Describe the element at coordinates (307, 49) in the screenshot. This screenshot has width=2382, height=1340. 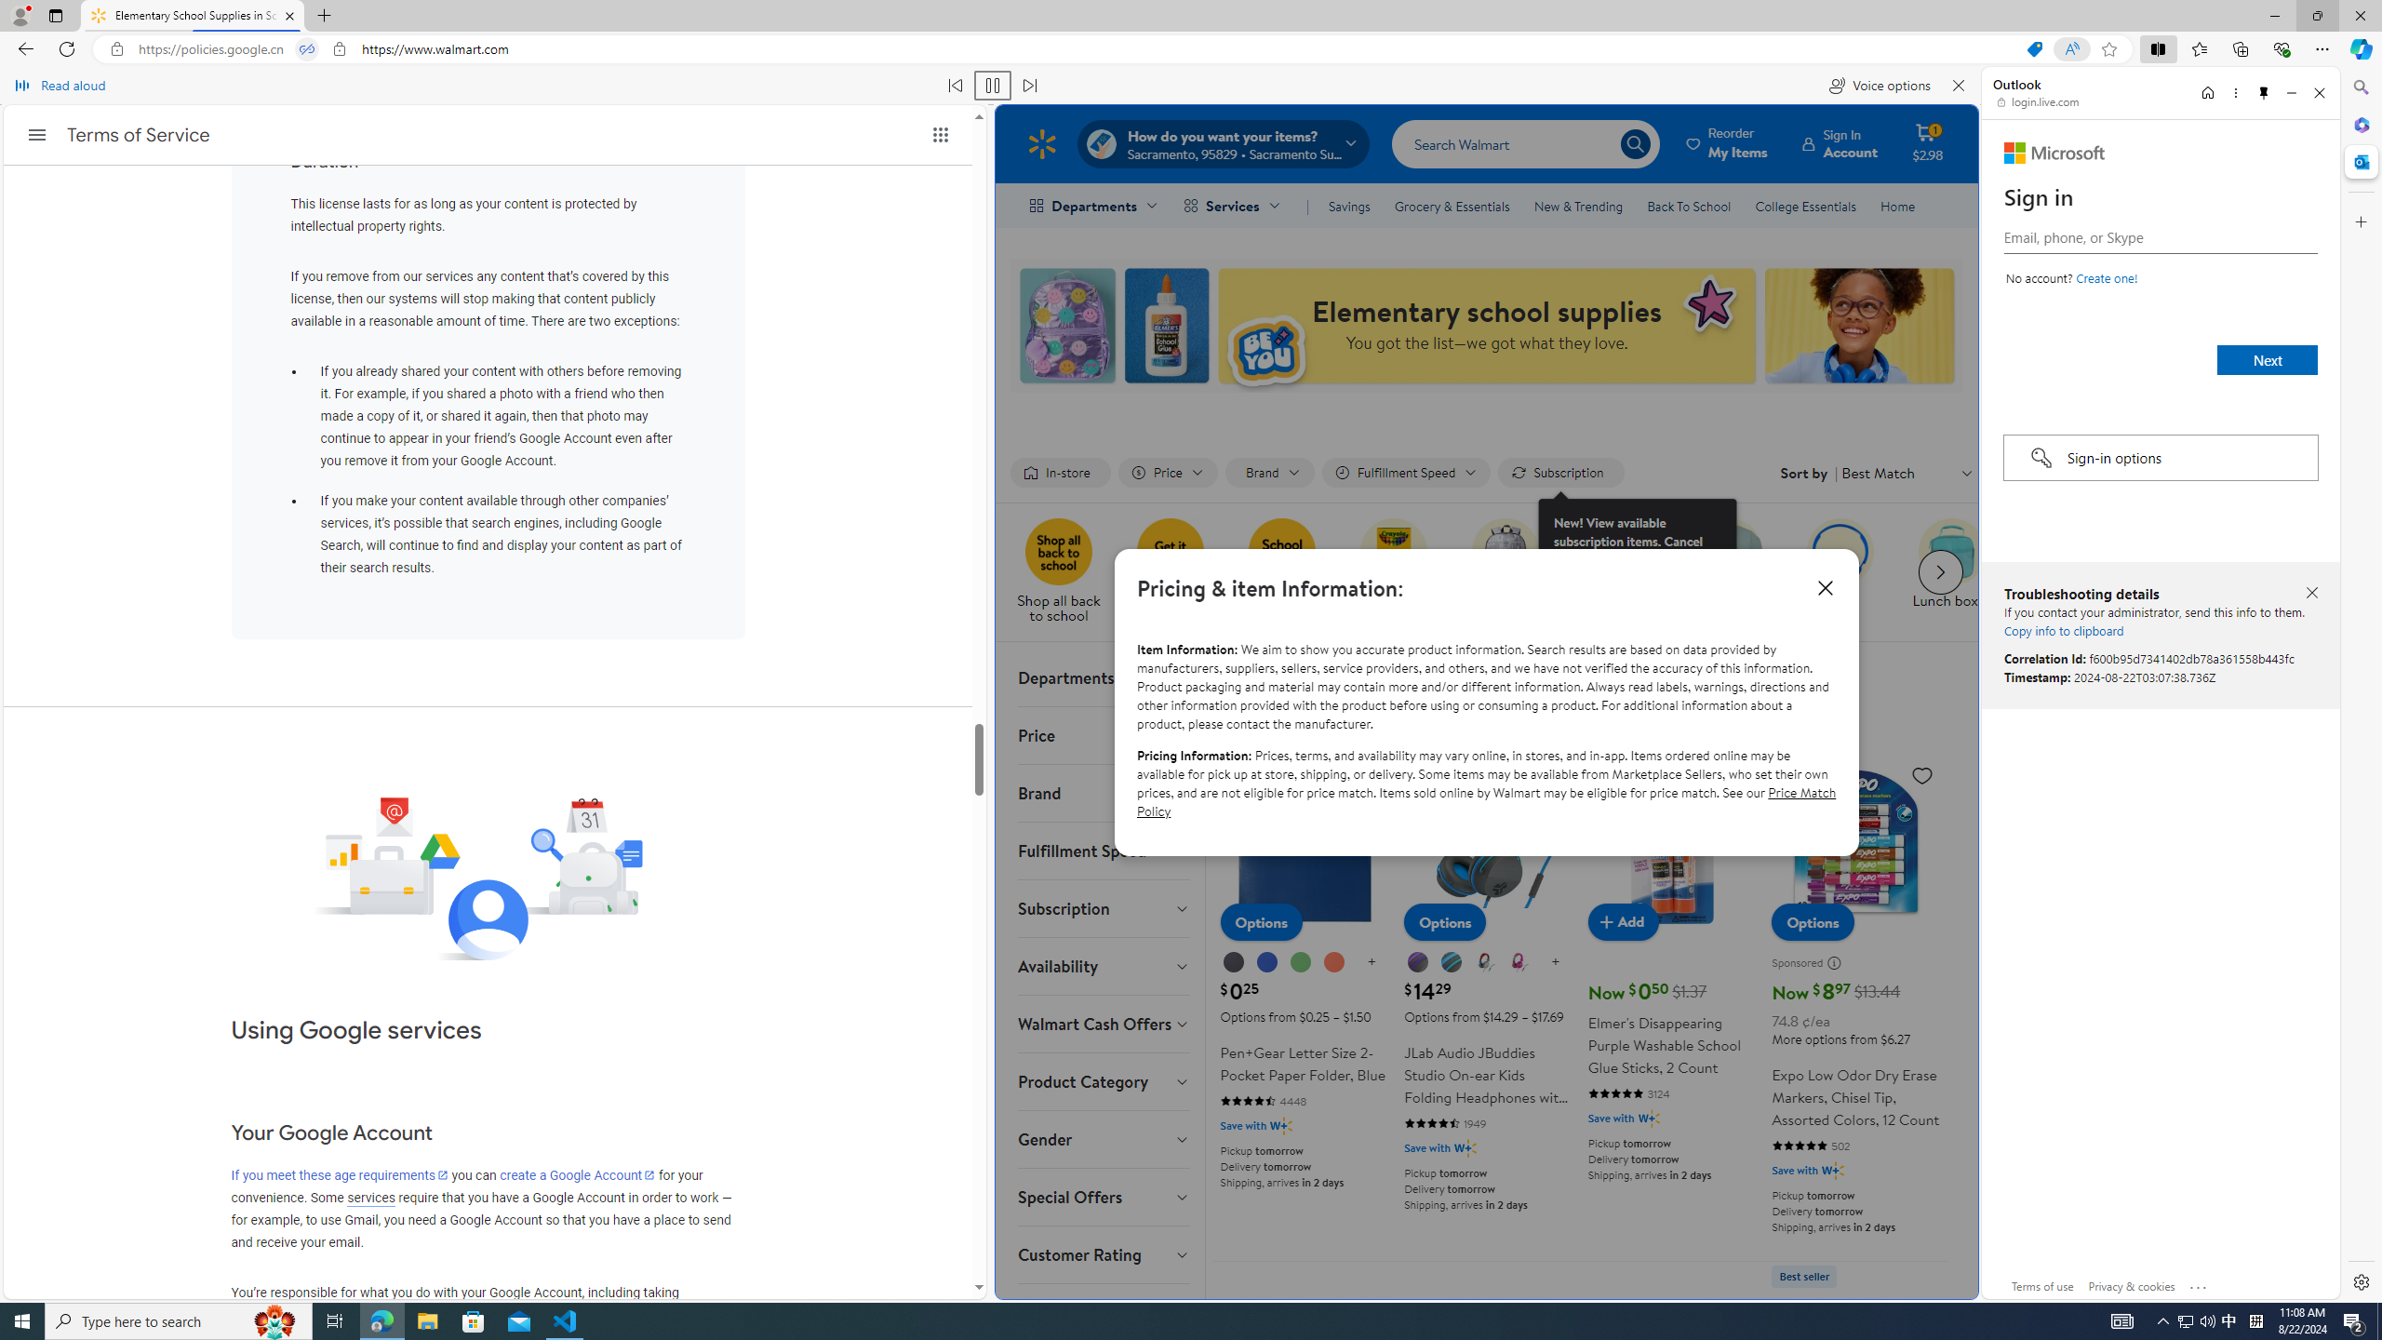
I see `'Tabs in split screen'` at that location.